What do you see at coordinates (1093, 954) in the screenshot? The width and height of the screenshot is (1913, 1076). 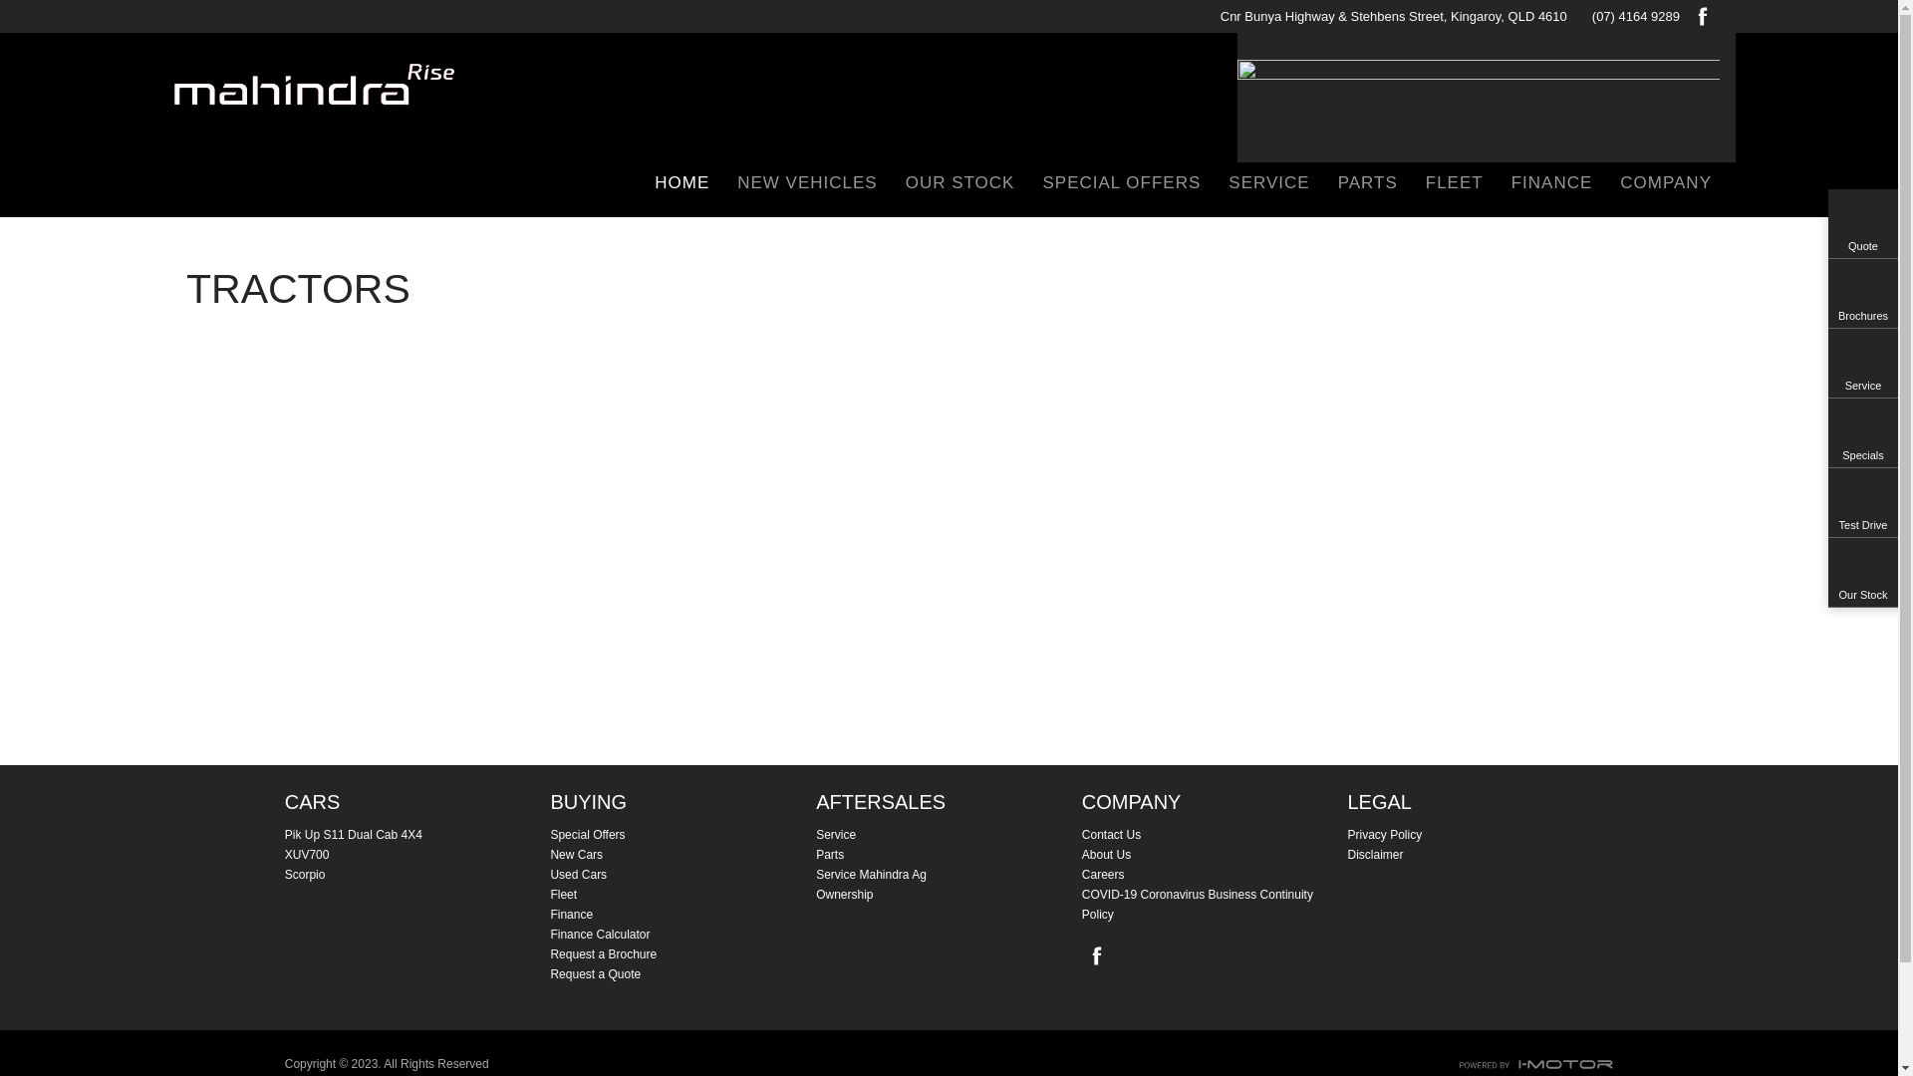 I see `'Facebook'` at bounding box center [1093, 954].